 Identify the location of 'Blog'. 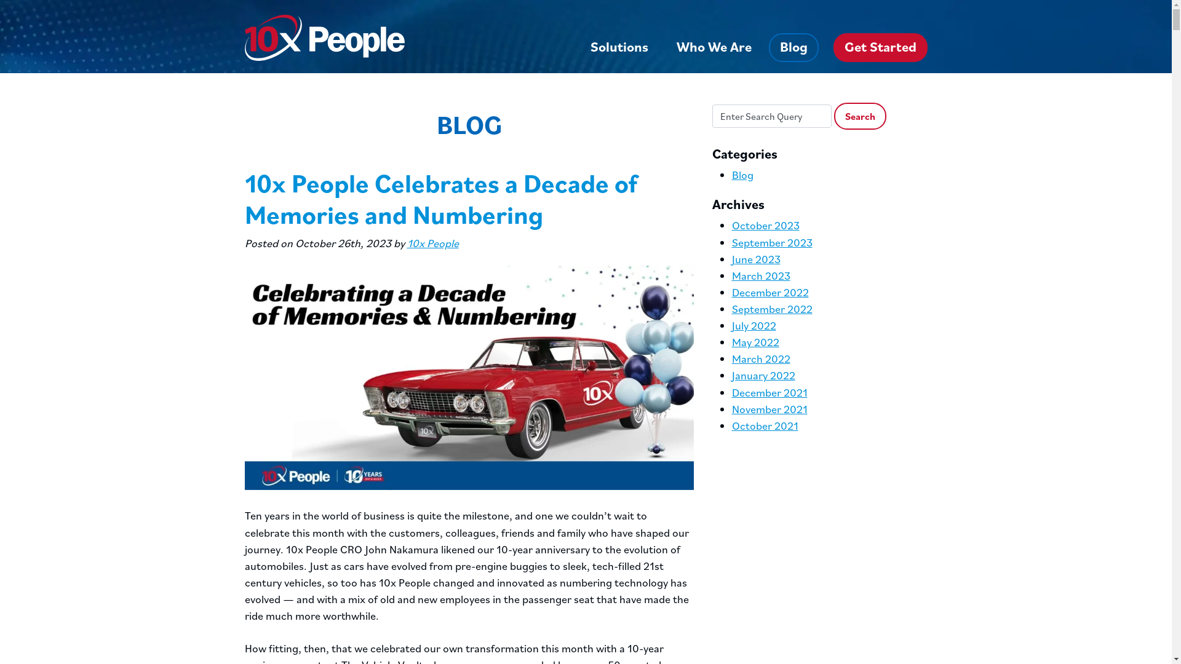
(742, 175).